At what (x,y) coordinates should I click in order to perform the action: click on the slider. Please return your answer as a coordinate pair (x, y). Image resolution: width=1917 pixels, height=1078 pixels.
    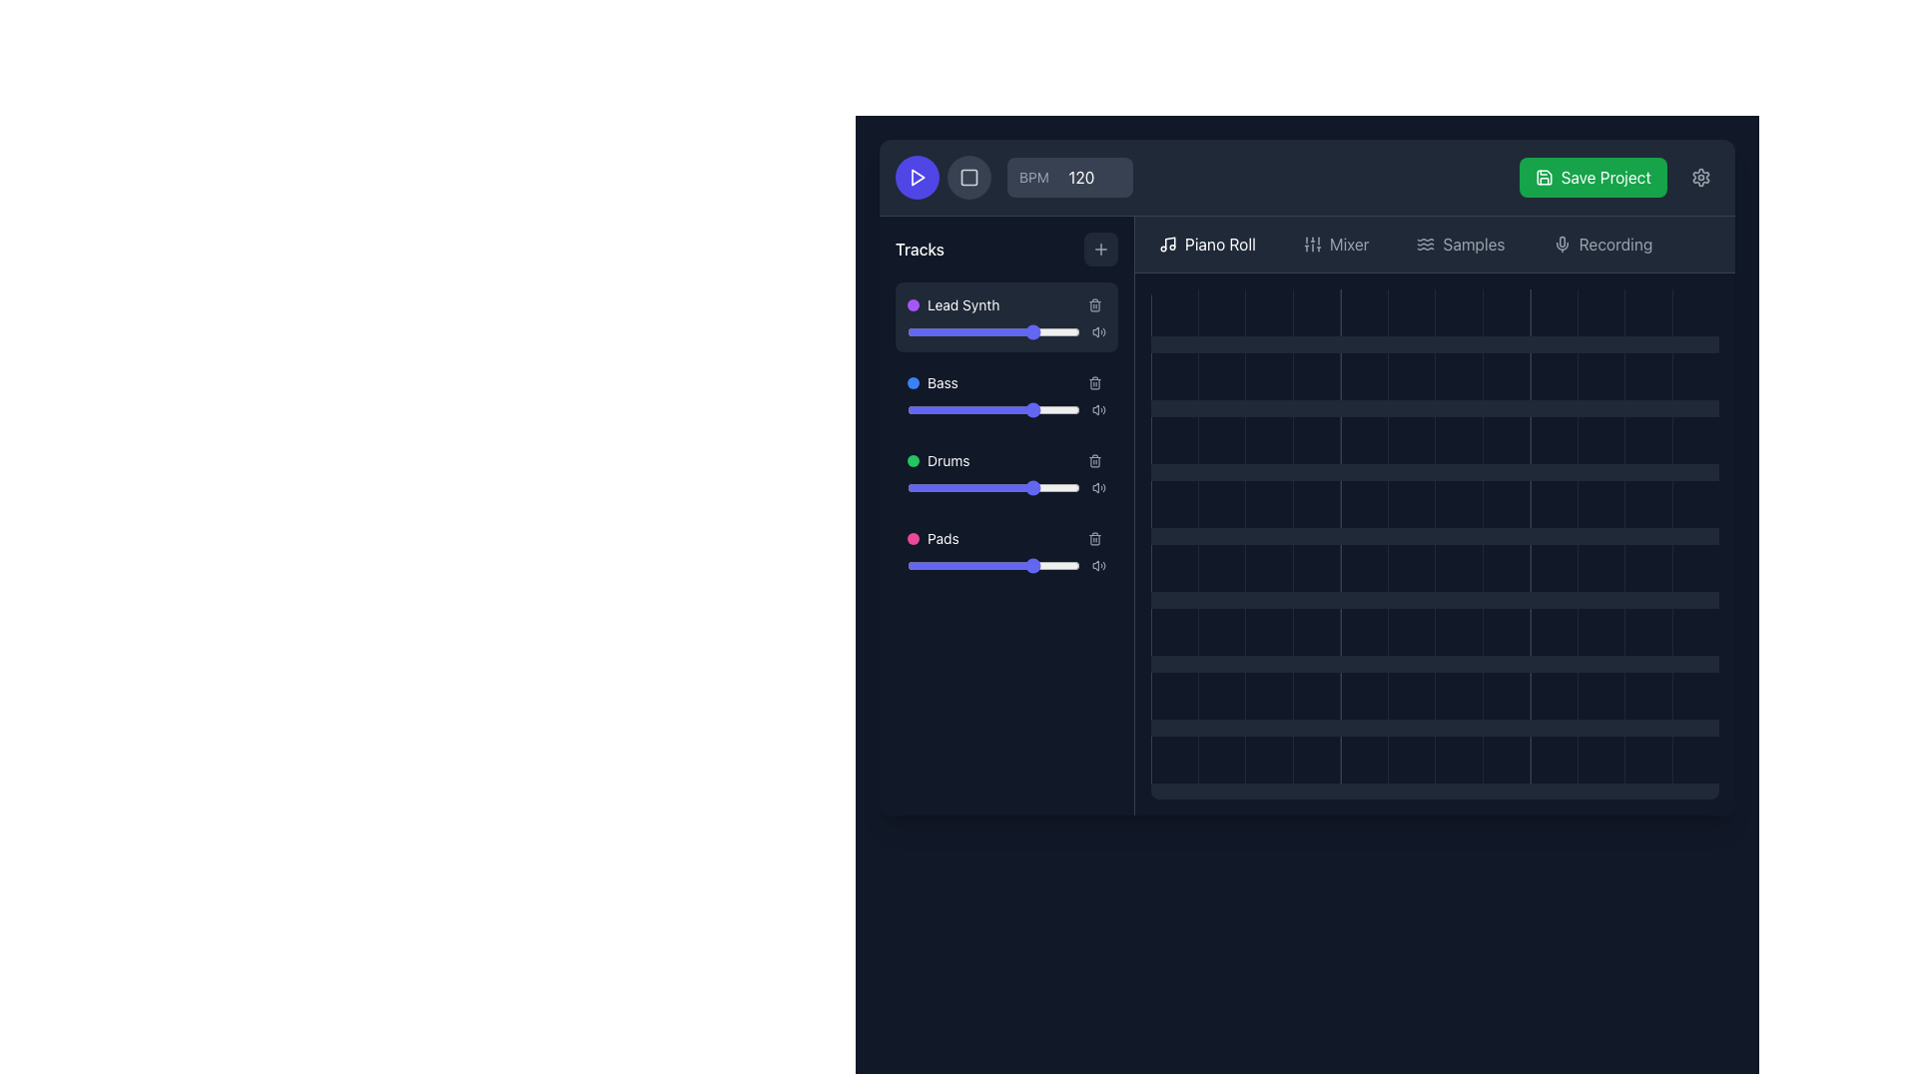
    Looking at the image, I should click on (908, 488).